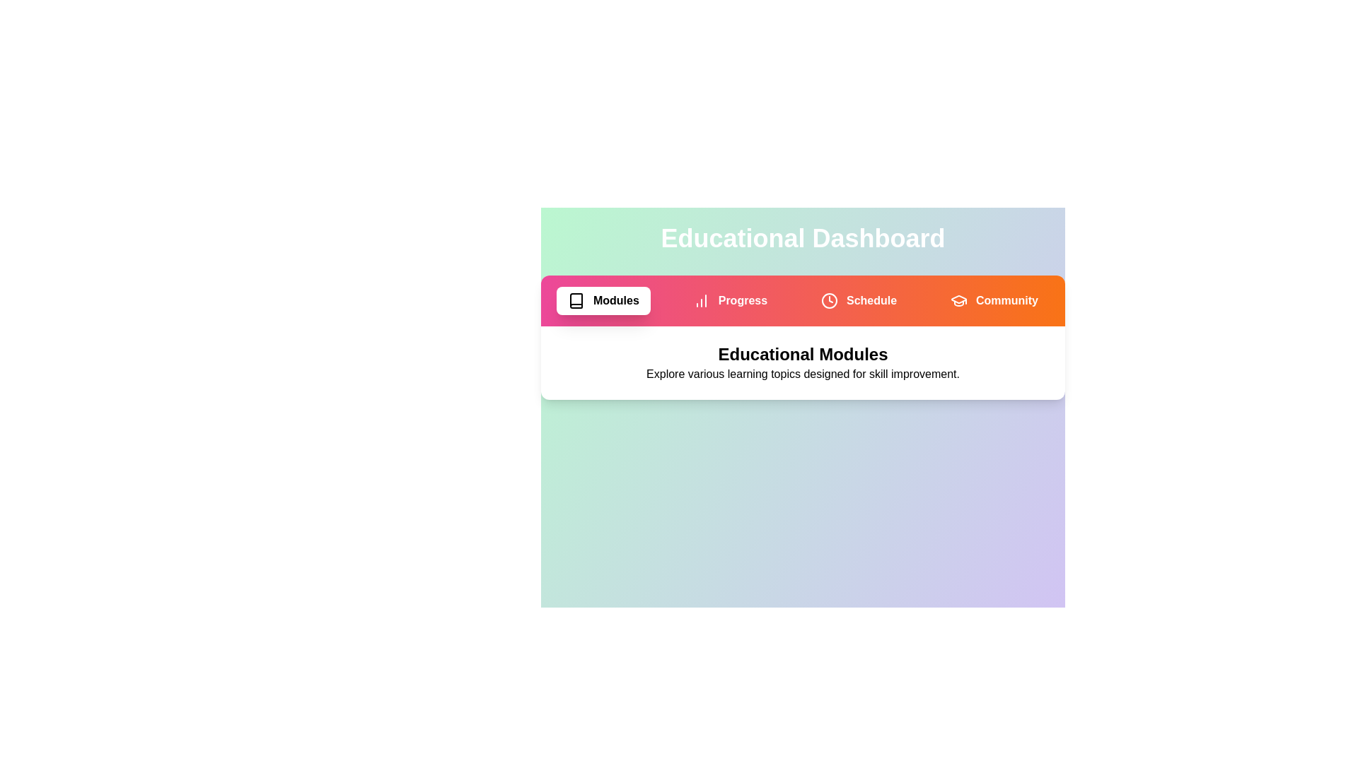  What do you see at coordinates (803, 362) in the screenshot?
I see `the Text Group (Header and Description) for the 'Educational Modules' section, which is visually distinct and prominently placed below the navigation bar` at bounding box center [803, 362].